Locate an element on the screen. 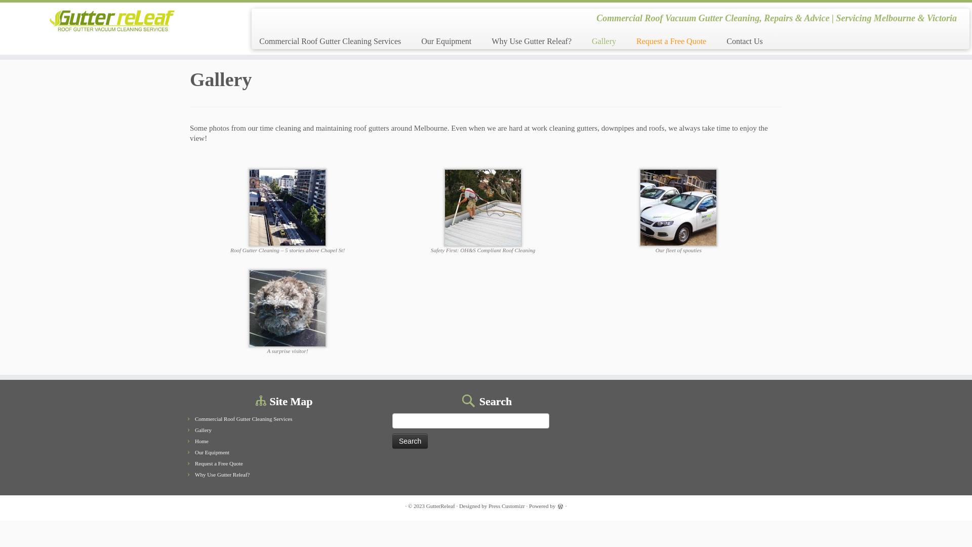 This screenshot has width=972, height=547. 'Why Use Gutter Releaf?' is located at coordinates (531, 41).